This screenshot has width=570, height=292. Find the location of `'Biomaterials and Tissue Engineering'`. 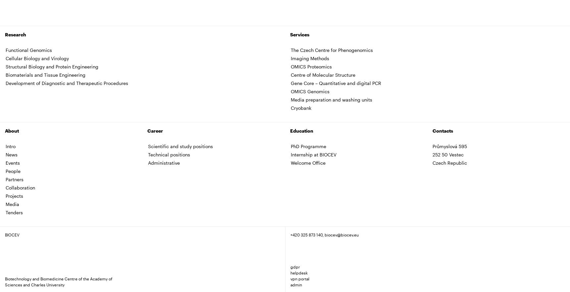

'Biomaterials and Tissue Engineering' is located at coordinates (45, 74).